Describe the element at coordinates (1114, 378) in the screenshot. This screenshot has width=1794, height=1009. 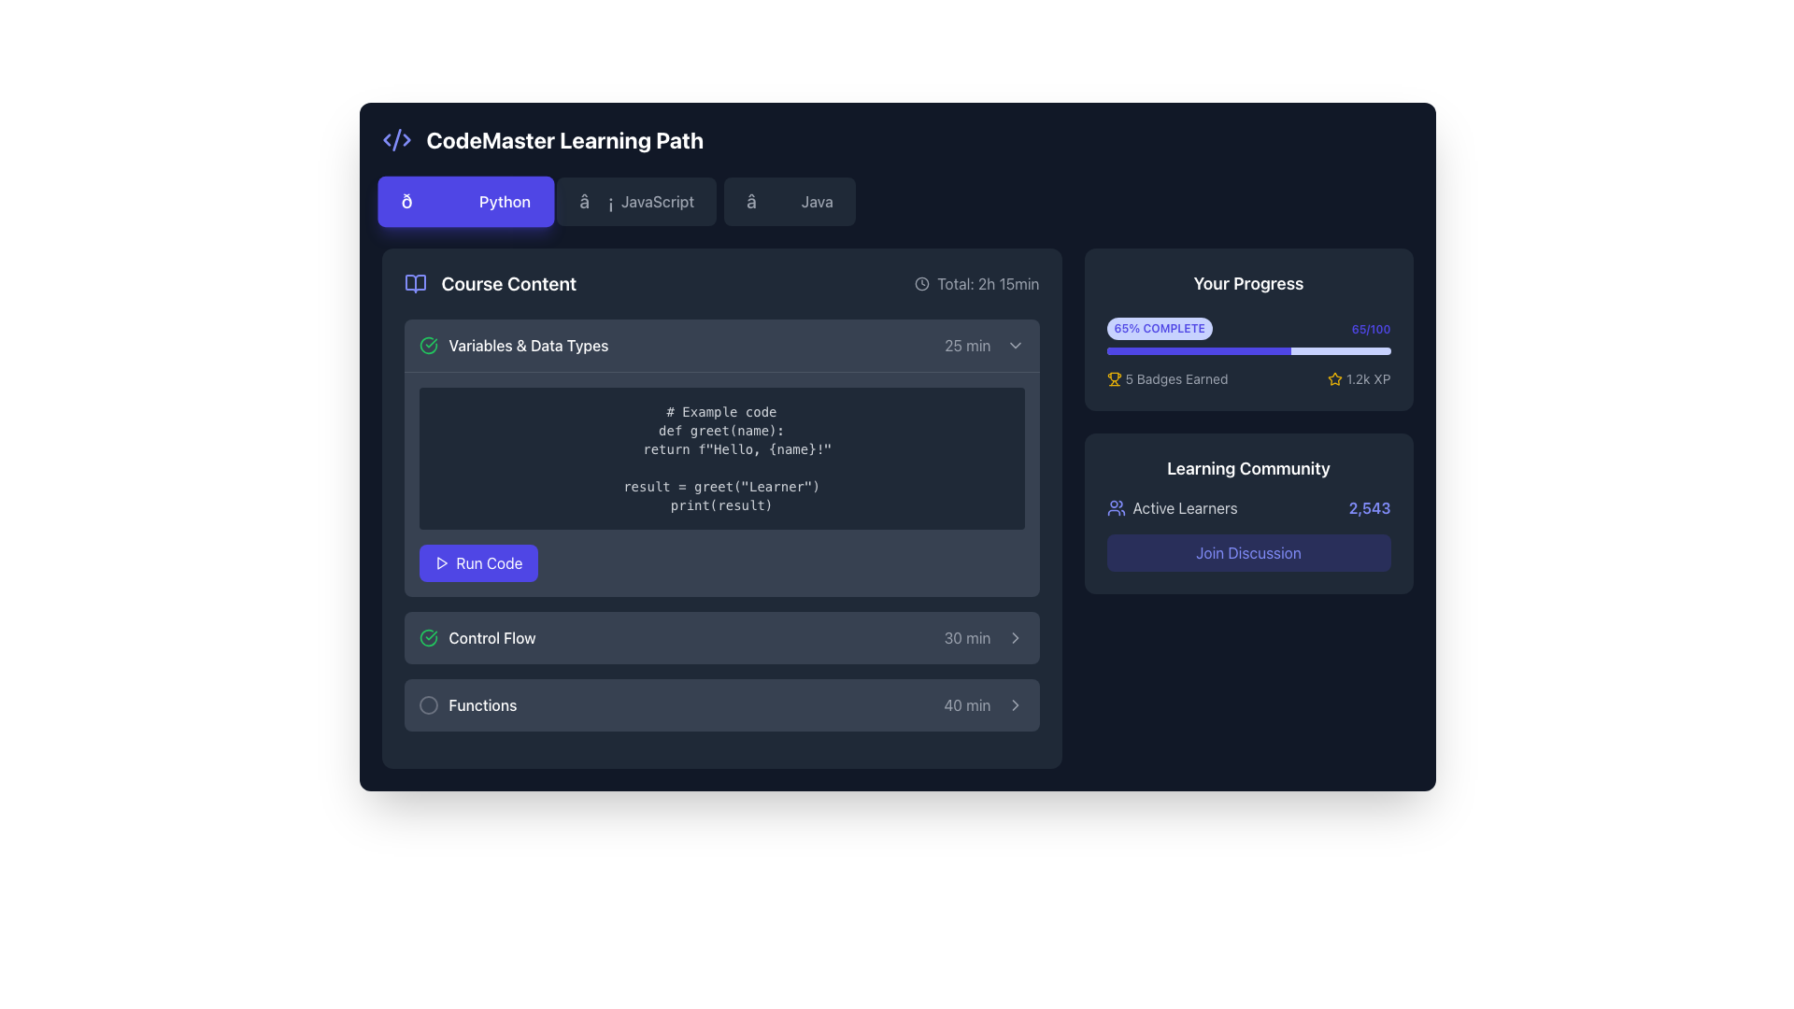
I see `the trophy icon that depicts '5 Badges Earned' in the progress indication section located under 'Your Progress'` at that location.